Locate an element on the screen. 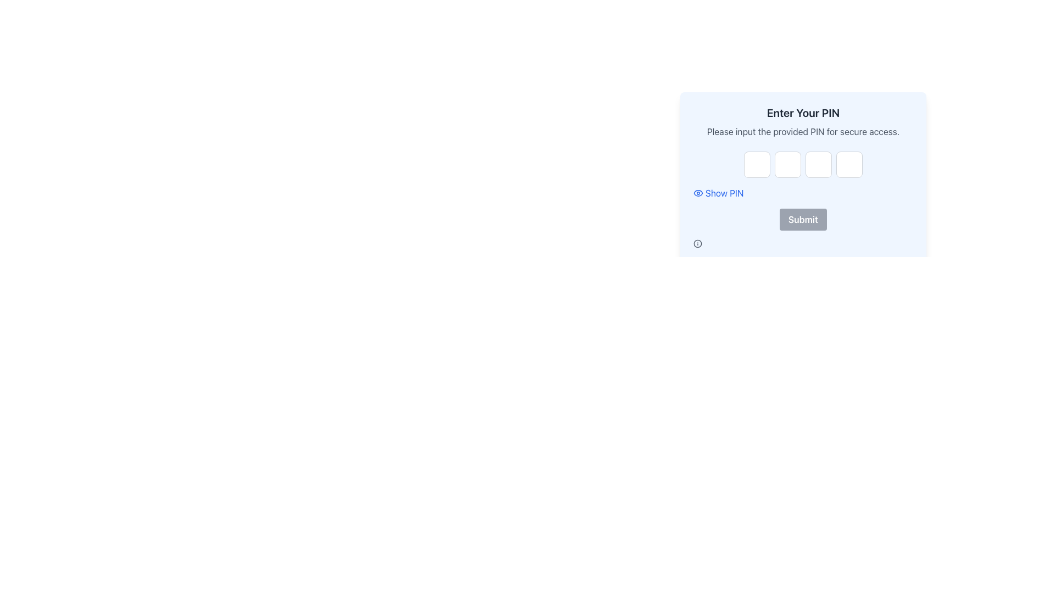  the second password input field in the 'Enter Your PIN' card interface to interact with it is located at coordinates (787, 165).